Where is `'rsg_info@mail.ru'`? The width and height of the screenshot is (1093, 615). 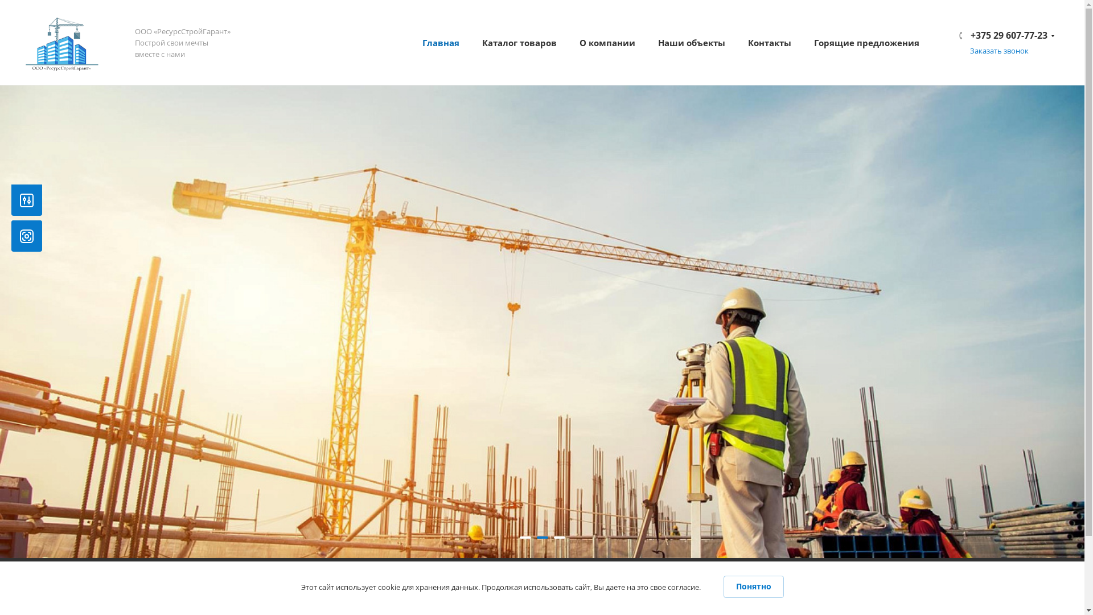
'rsg_info@mail.ru' is located at coordinates (229, 605).